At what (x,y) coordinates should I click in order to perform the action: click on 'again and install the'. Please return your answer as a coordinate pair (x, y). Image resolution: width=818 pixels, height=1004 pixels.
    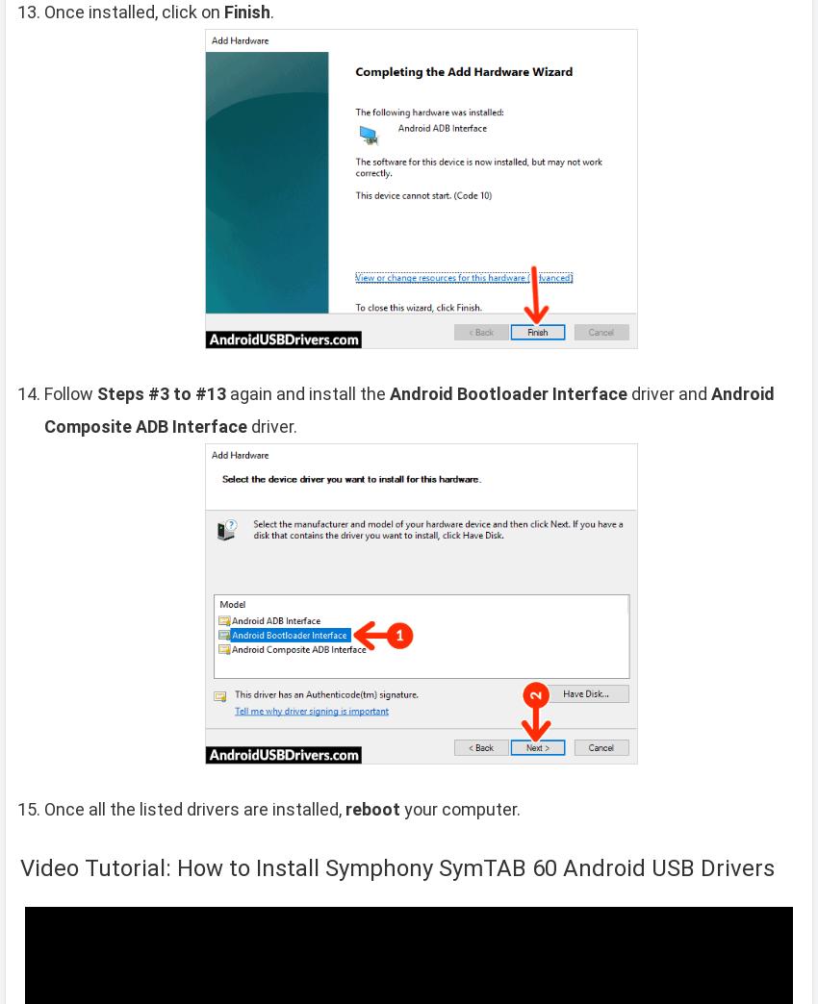
    Looking at the image, I should click on (308, 392).